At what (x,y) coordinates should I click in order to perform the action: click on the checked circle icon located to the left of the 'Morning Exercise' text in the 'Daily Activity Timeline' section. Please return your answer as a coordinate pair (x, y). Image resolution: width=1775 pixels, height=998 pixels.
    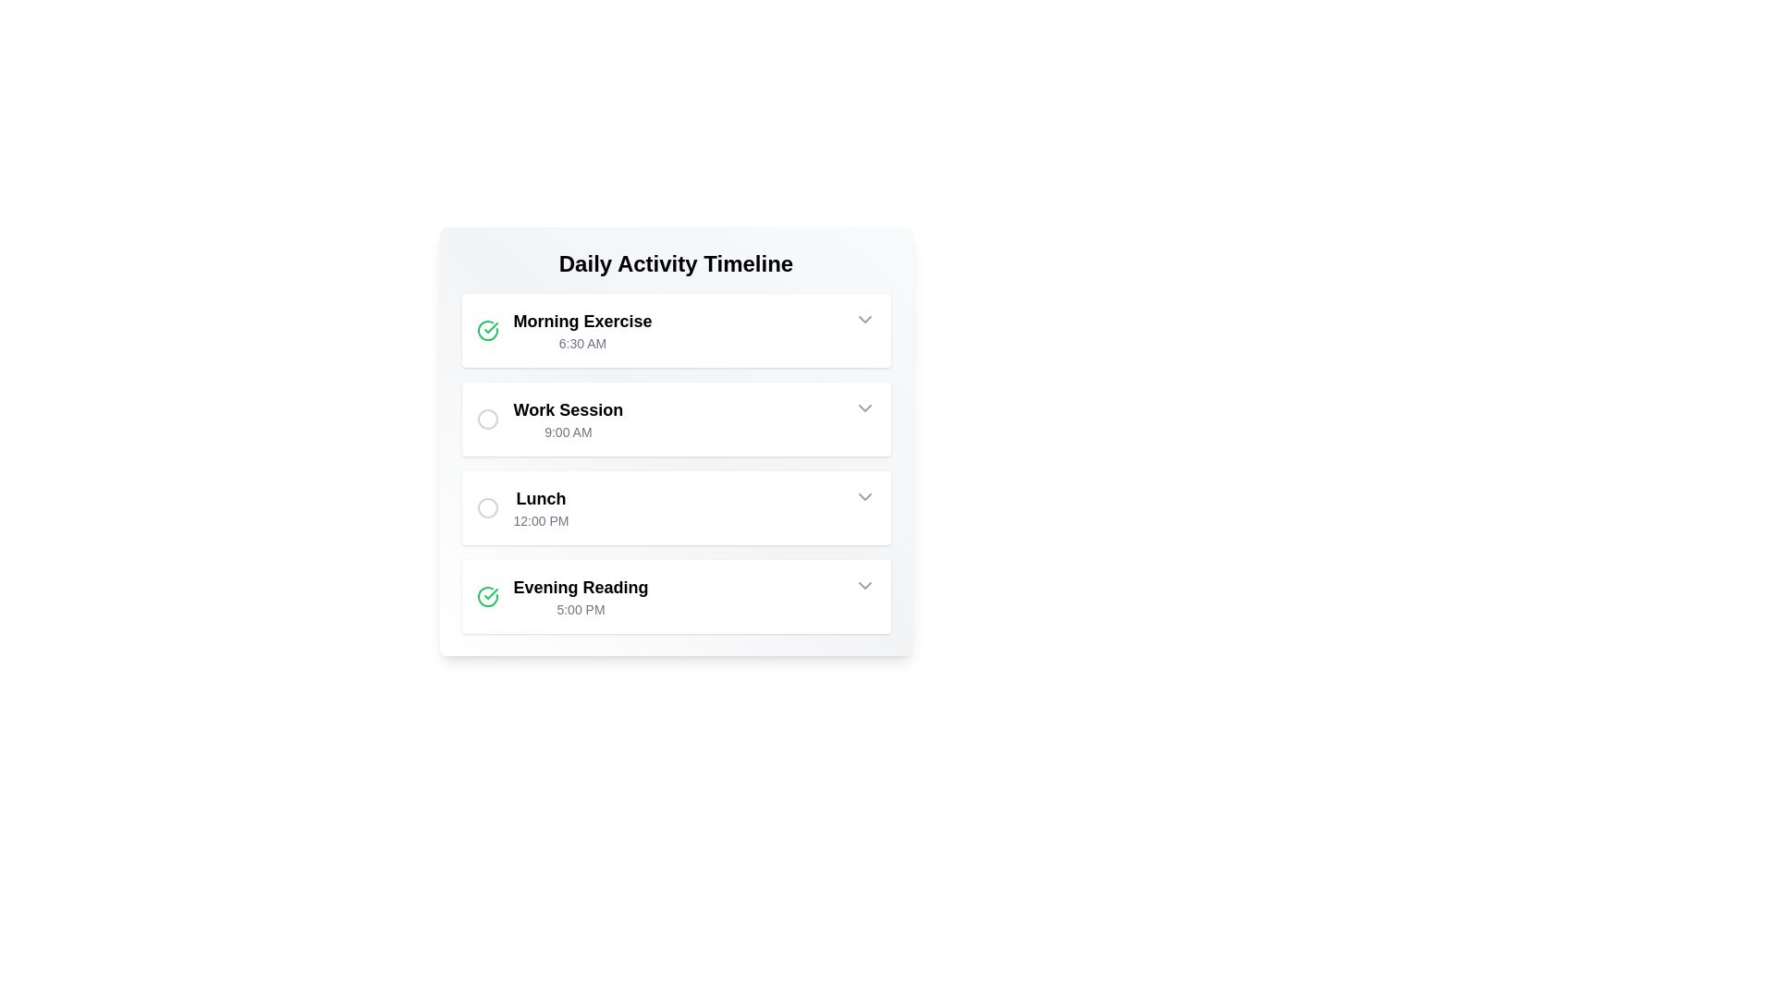
    Looking at the image, I should click on (487, 330).